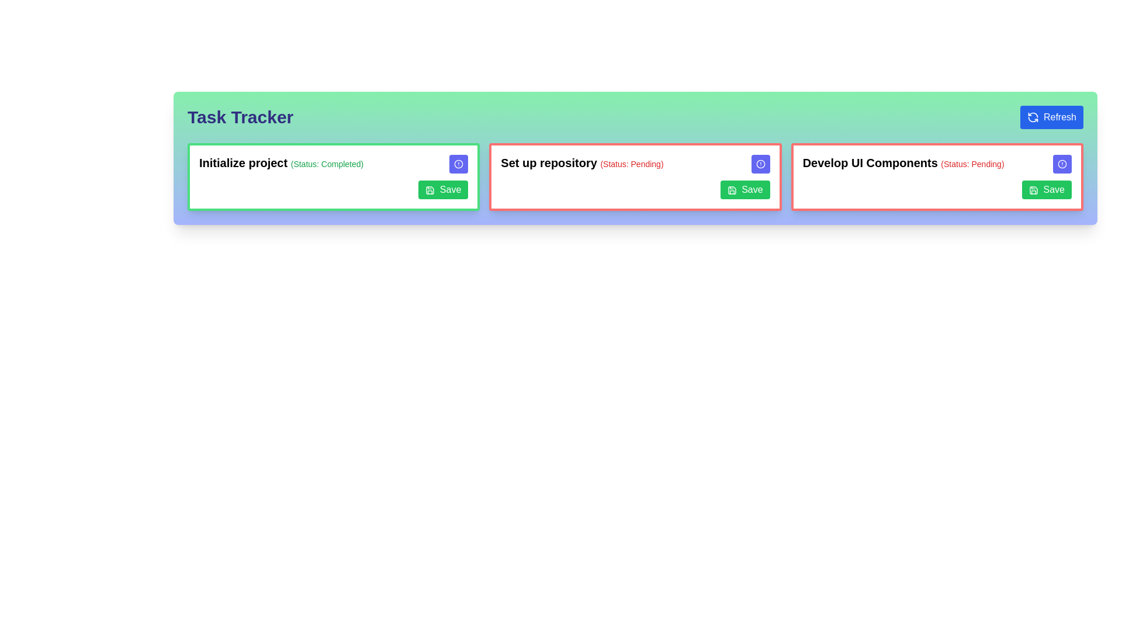 The image size is (1122, 631). What do you see at coordinates (333, 164) in the screenshot?
I see `the label displaying 'Initialize project (Status: Completed)' which is styled in bold text and green, located in the top-left task card above the 'Save' button` at bounding box center [333, 164].